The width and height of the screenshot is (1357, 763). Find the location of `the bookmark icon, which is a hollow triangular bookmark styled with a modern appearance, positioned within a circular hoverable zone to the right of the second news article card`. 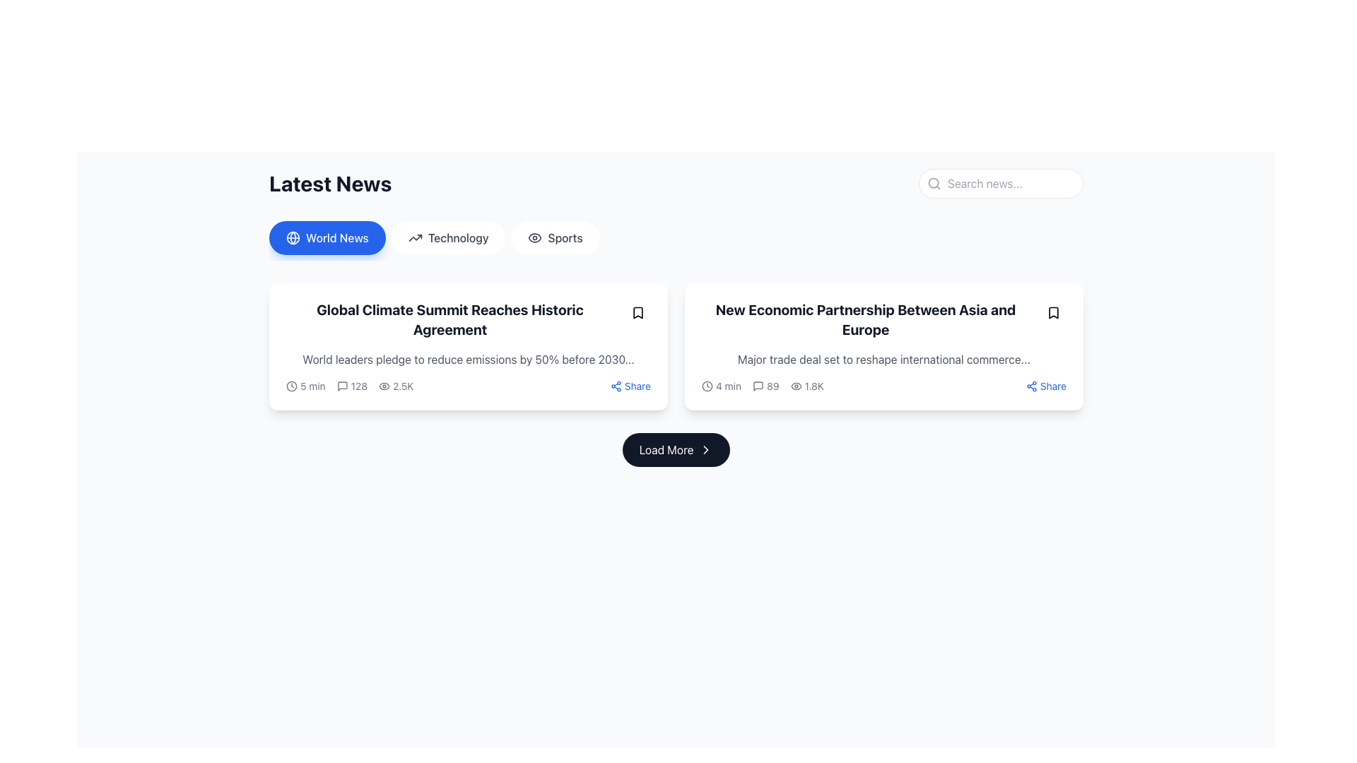

the bookmark icon, which is a hollow triangular bookmark styled with a modern appearance, positioned within a circular hoverable zone to the right of the second news article card is located at coordinates (637, 312).